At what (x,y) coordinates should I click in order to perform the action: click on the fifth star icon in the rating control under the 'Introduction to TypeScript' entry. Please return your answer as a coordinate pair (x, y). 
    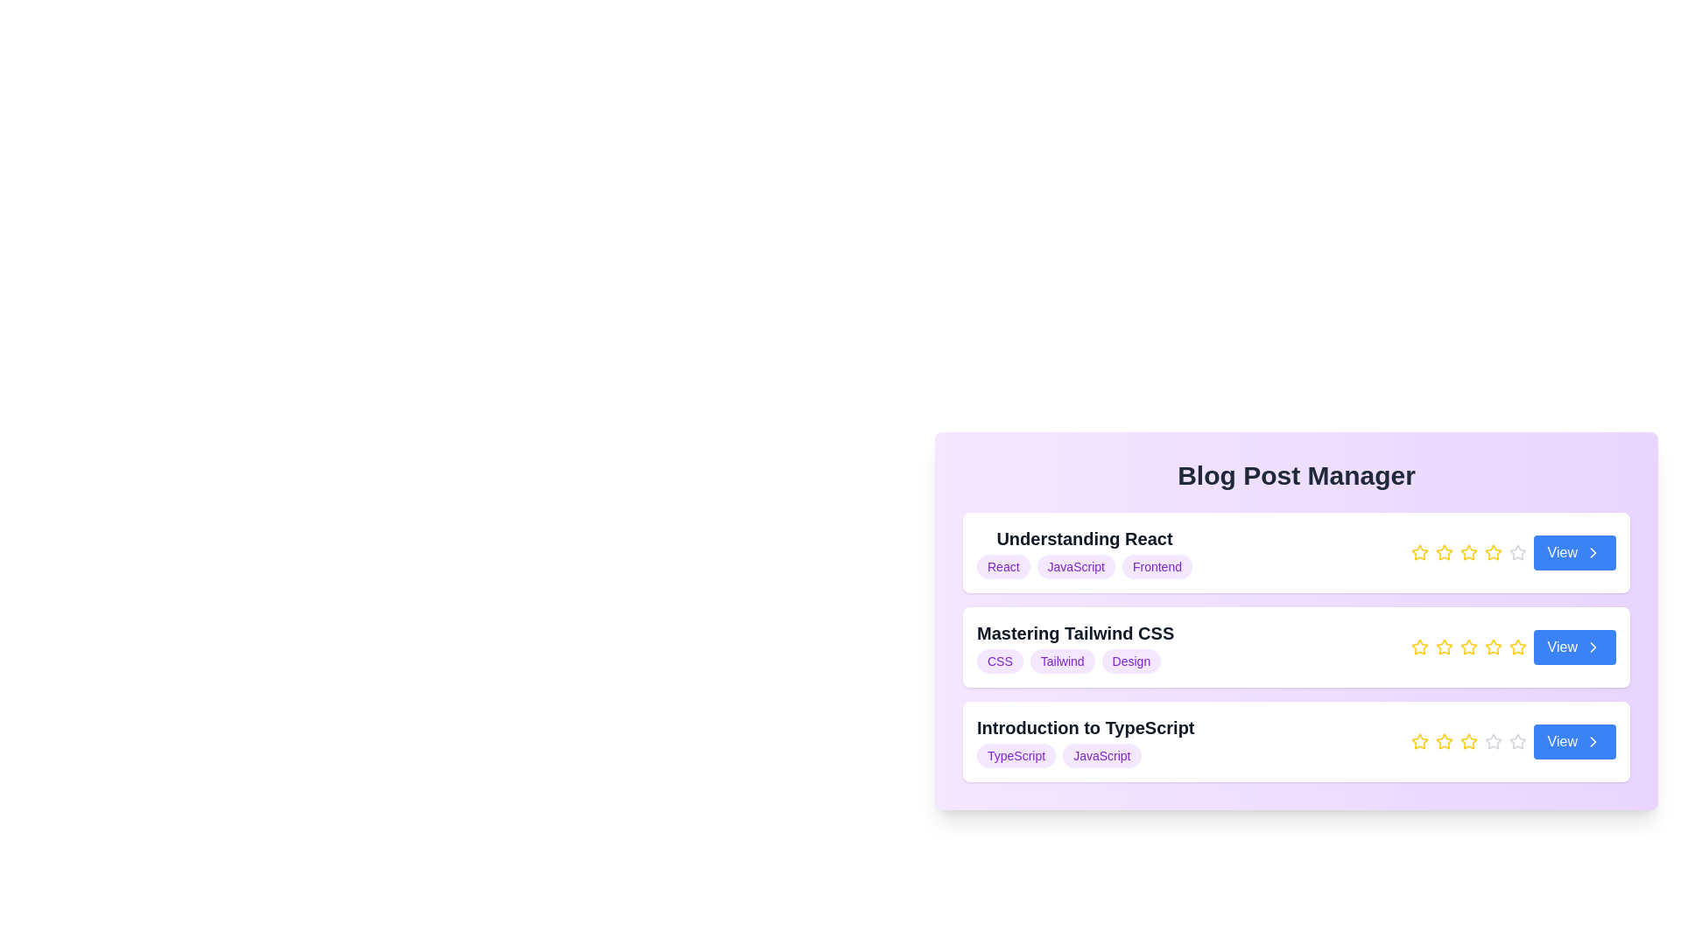
    Looking at the image, I should click on (1516, 742).